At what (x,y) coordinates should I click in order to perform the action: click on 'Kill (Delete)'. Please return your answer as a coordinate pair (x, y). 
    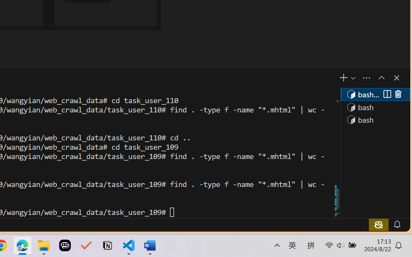
    Looking at the image, I should click on (398, 94).